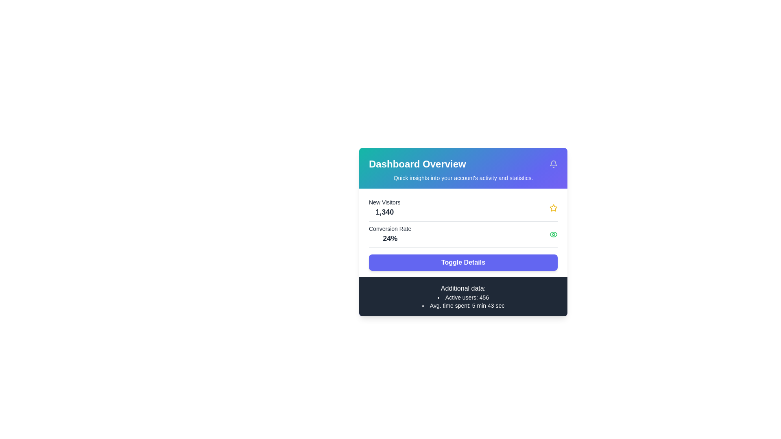  Describe the element at coordinates (384, 211) in the screenshot. I see `the static text element that displays the numerical count of new visitors, located below the 'New Visitors' label in the statistics card on the dashboard` at that location.